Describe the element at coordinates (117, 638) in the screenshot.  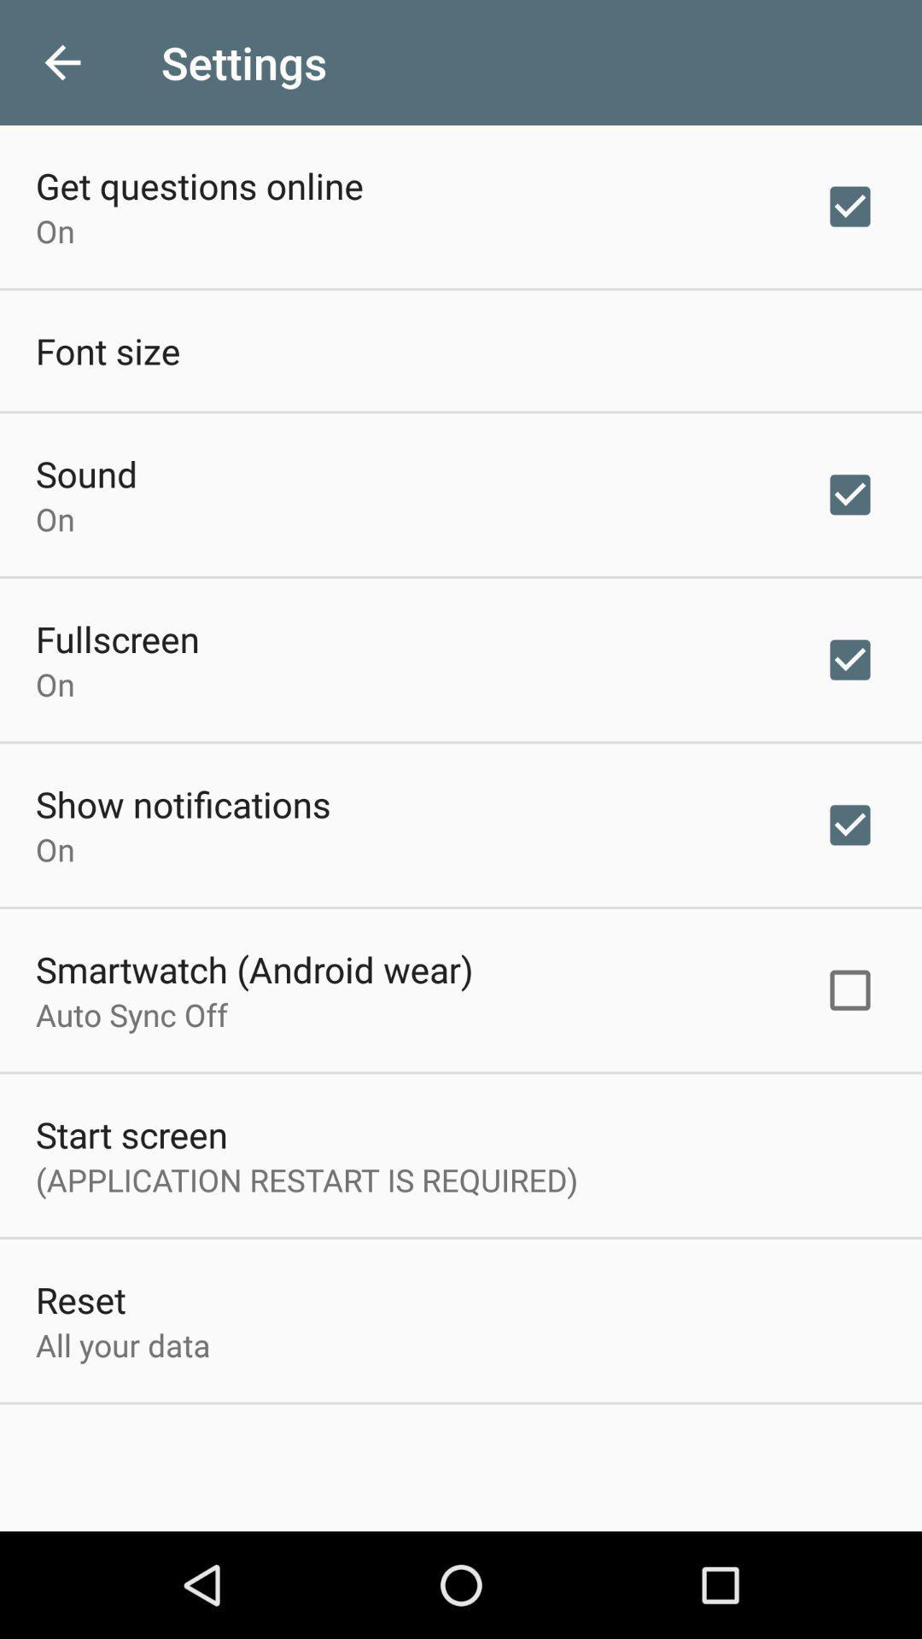
I see `item below on` at that location.